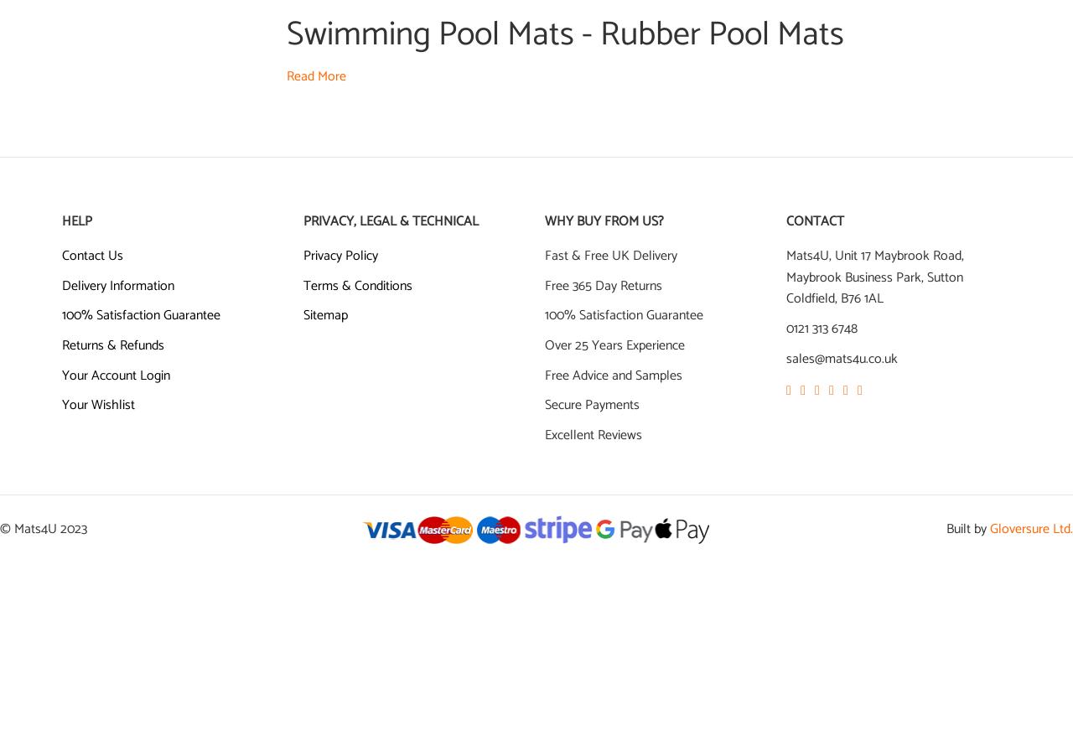  Describe the element at coordinates (287, 129) in the screenshot. I see `'Swimming pool mats and poolside matting is needed because the side of swimming pools and the surrounding areas are renowned for having wet and slippery floors. Using appropriate wet-area swimming pool mats can help to prevent dangerous slip and fall accidents around the pool. Pool mats have a non slip surface to provide traction underfoot and are also comfortable to walk on in bare feet.'` at that location.